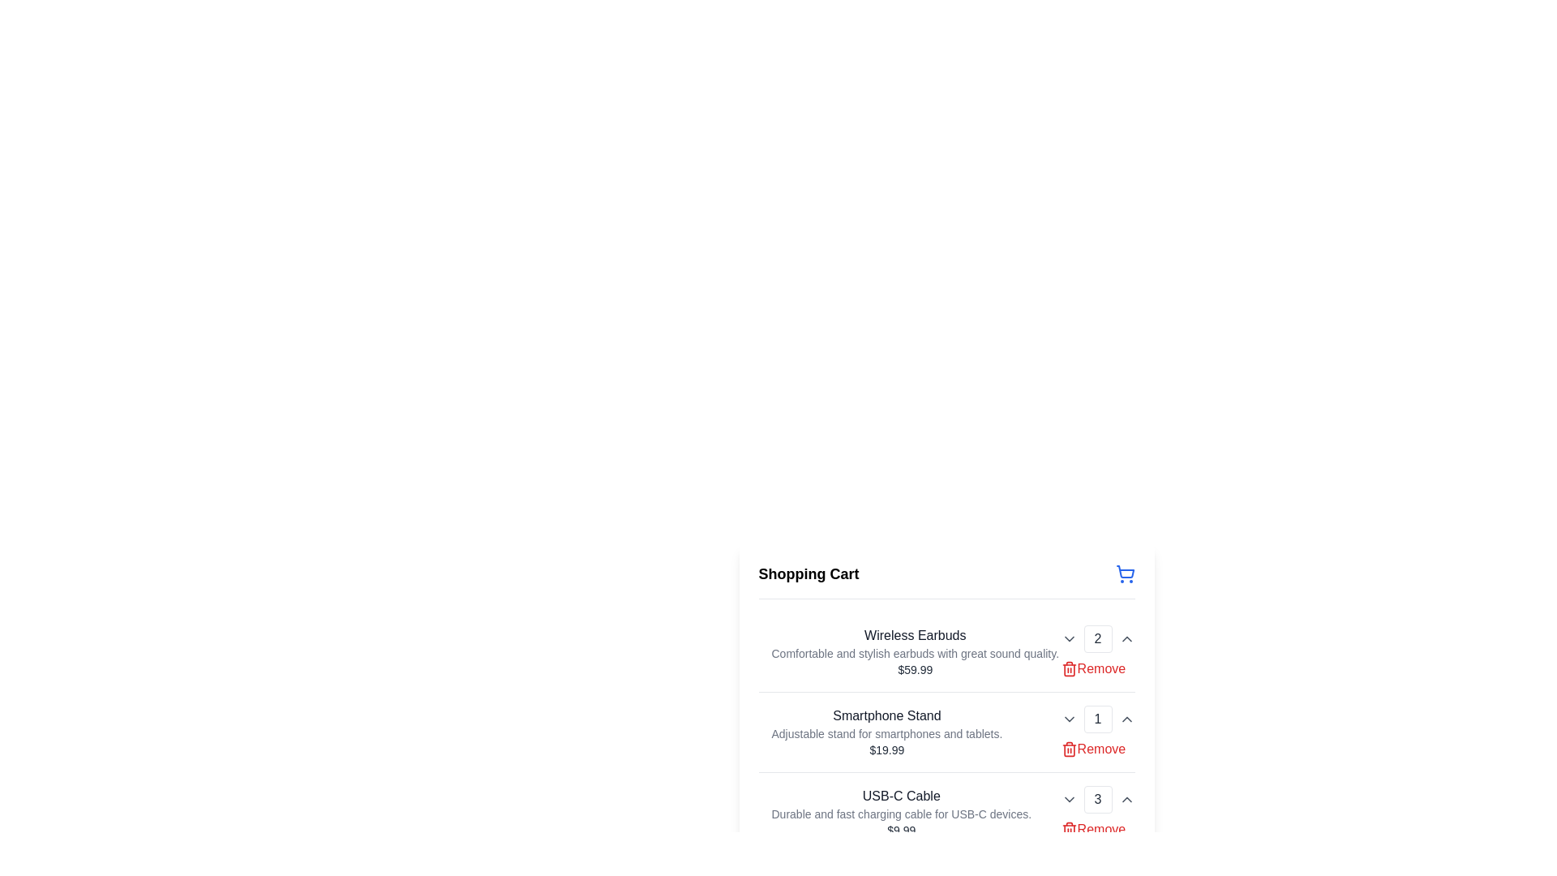 The image size is (1557, 876). Describe the element at coordinates (1097, 799) in the screenshot. I see `the bordered numeric data box, which represents a quantity in the shopping cart` at that location.